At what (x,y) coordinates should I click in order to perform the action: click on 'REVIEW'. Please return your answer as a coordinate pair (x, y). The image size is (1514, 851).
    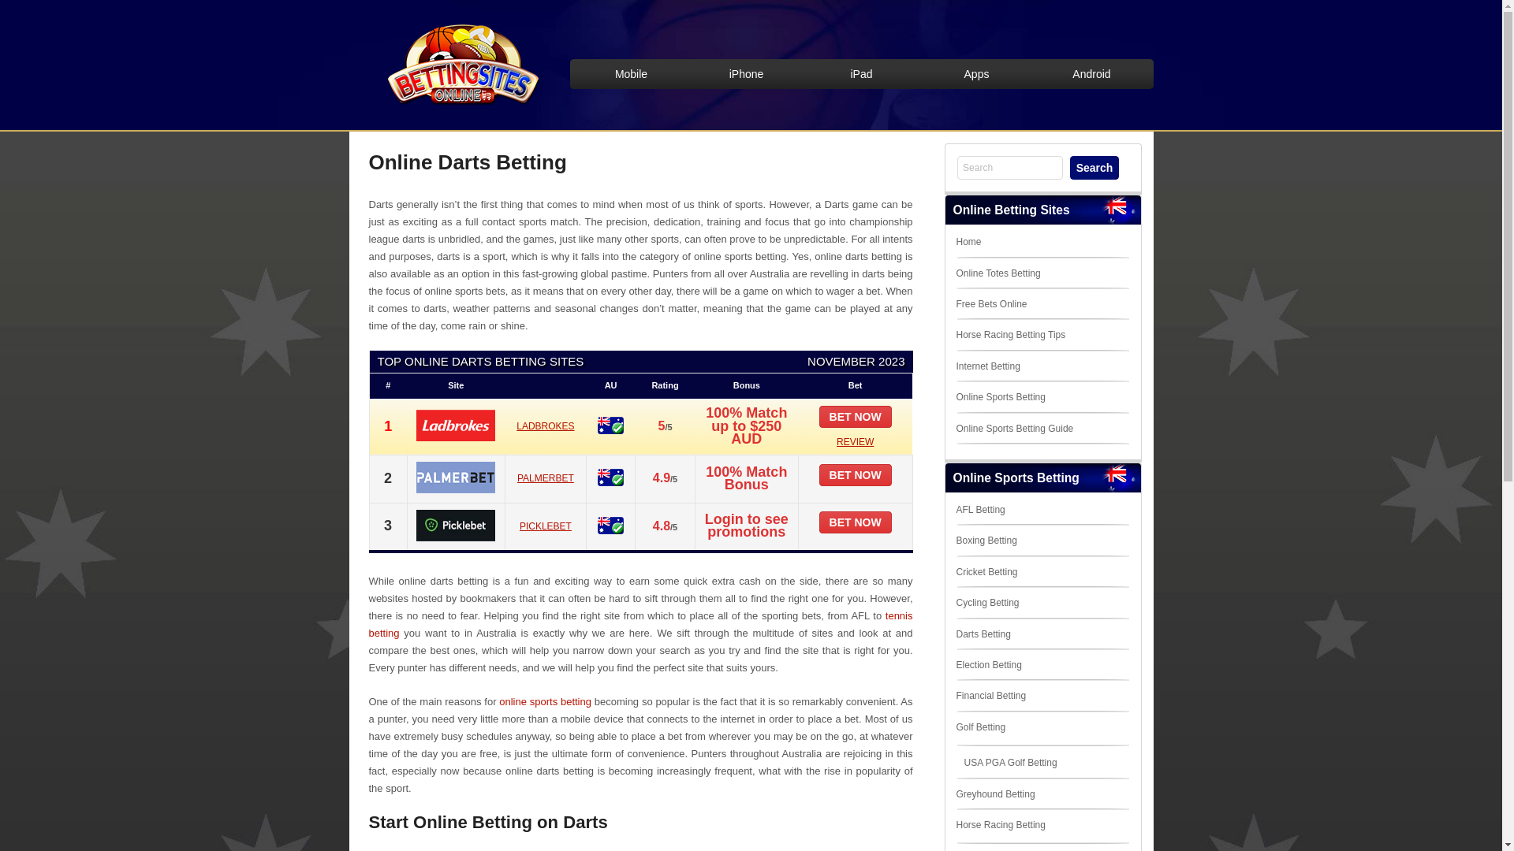
    Looking at the image, I should click on (854, 441).